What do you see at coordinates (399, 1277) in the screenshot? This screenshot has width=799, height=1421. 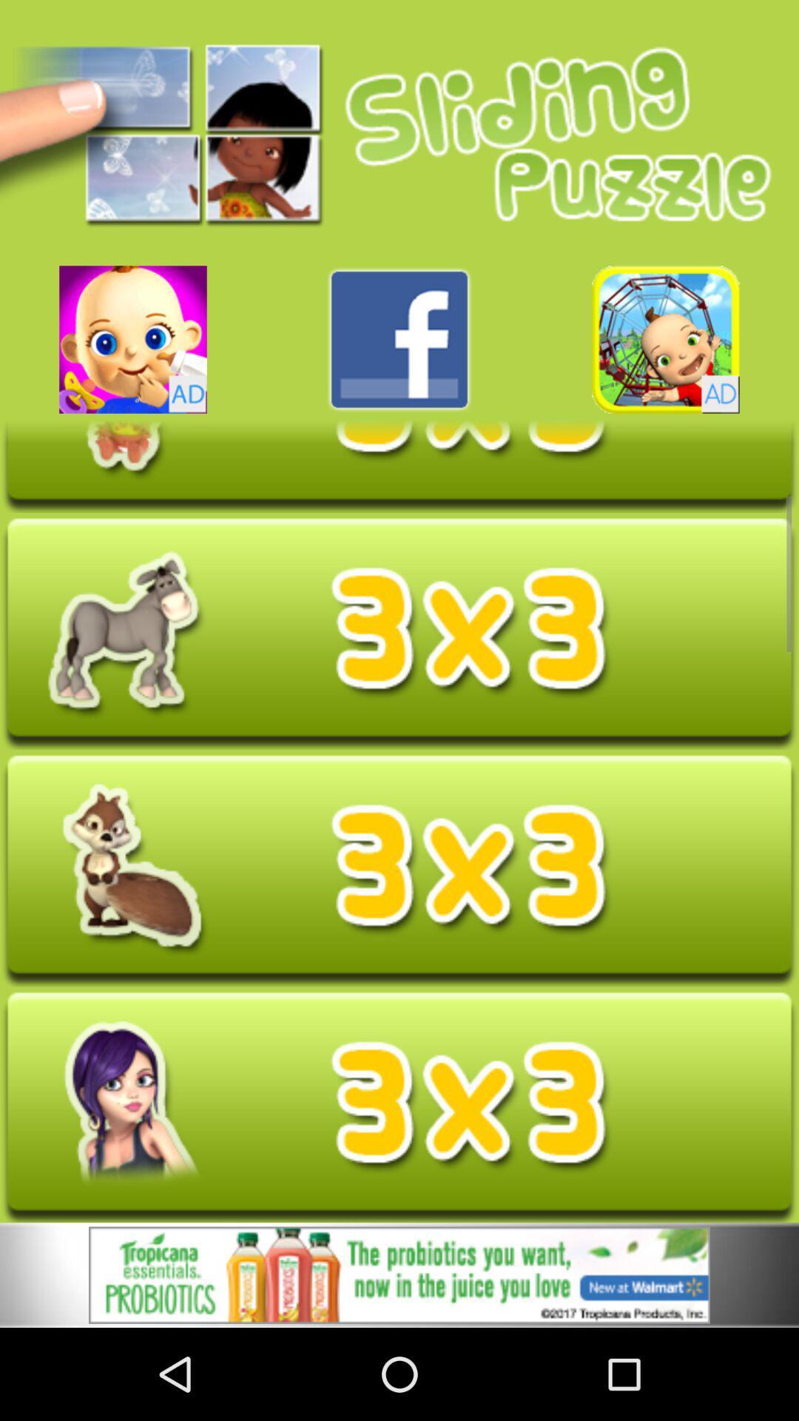 I see `adverttisment box` at bounding box center [399, 1277].